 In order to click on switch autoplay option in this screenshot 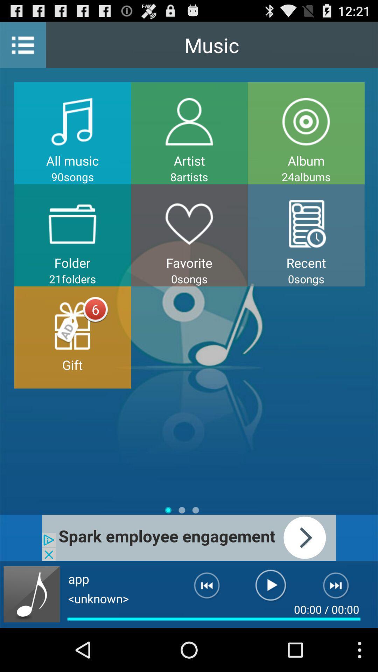, I will do `click(31, 594)`.